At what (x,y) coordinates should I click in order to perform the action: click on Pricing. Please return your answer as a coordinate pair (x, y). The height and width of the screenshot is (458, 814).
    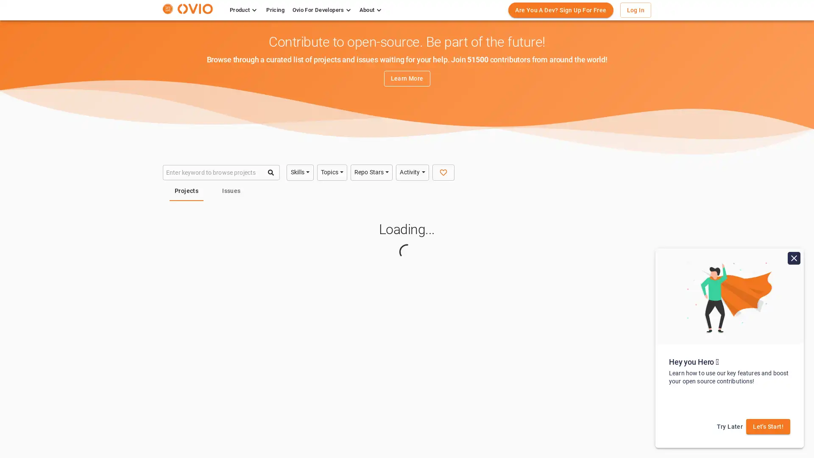
    Looking at the image, I should click on (275, 10).